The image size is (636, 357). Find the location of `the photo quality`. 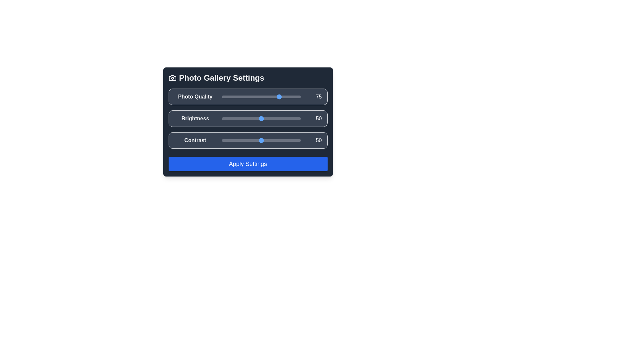

the photo quality is located at coordinates (234, 97).